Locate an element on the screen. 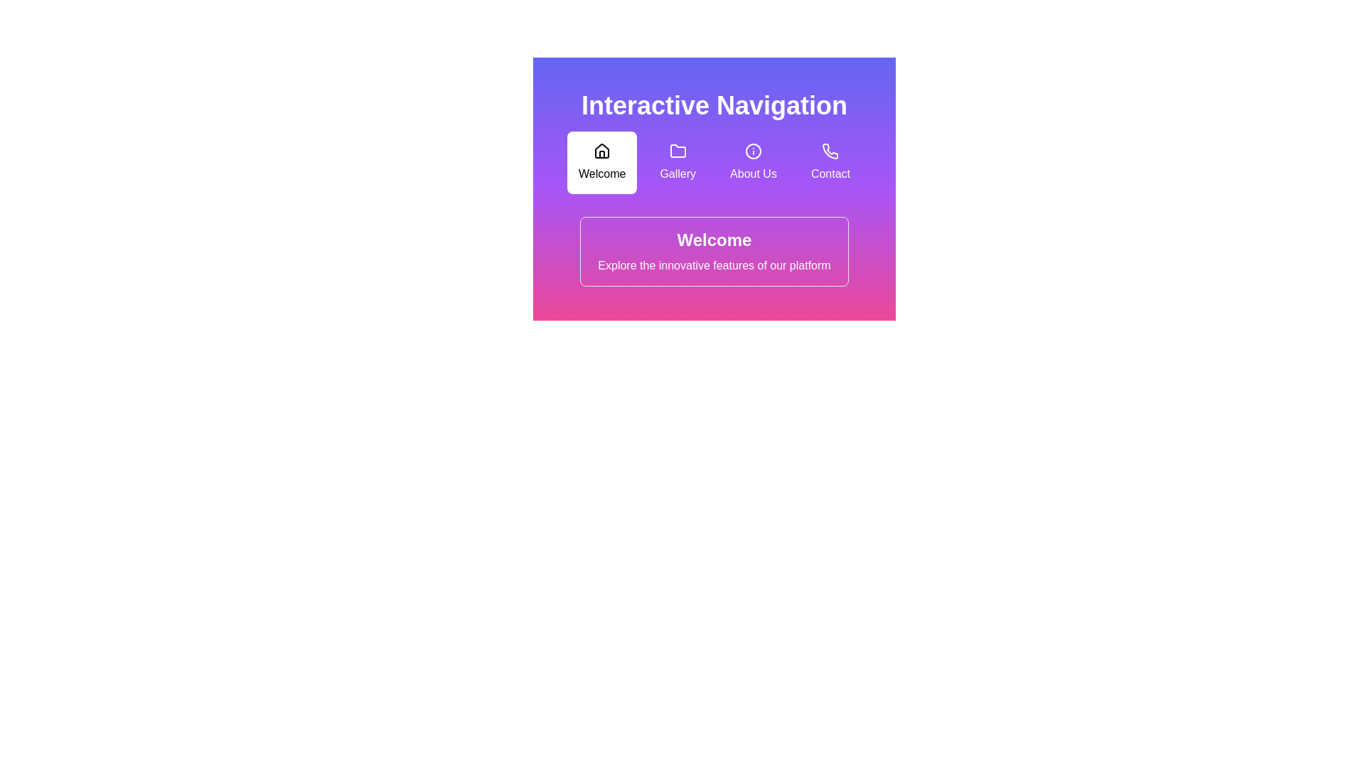 The image size is (1365, 768). the house icon that represents the 'Welcome' button in the top navigation bar, which is the first item in the list is located at coordinates (602, 154).